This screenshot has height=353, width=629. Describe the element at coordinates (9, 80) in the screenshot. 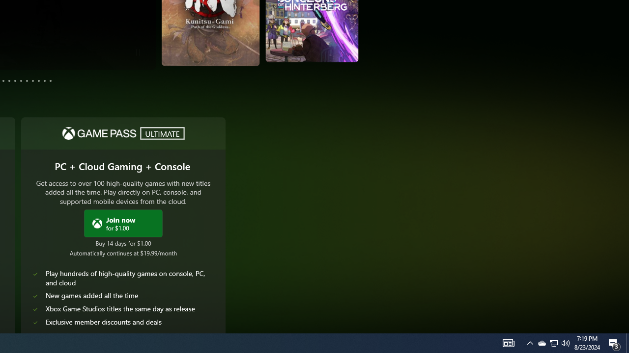

I see `'Page 5'` at that location.